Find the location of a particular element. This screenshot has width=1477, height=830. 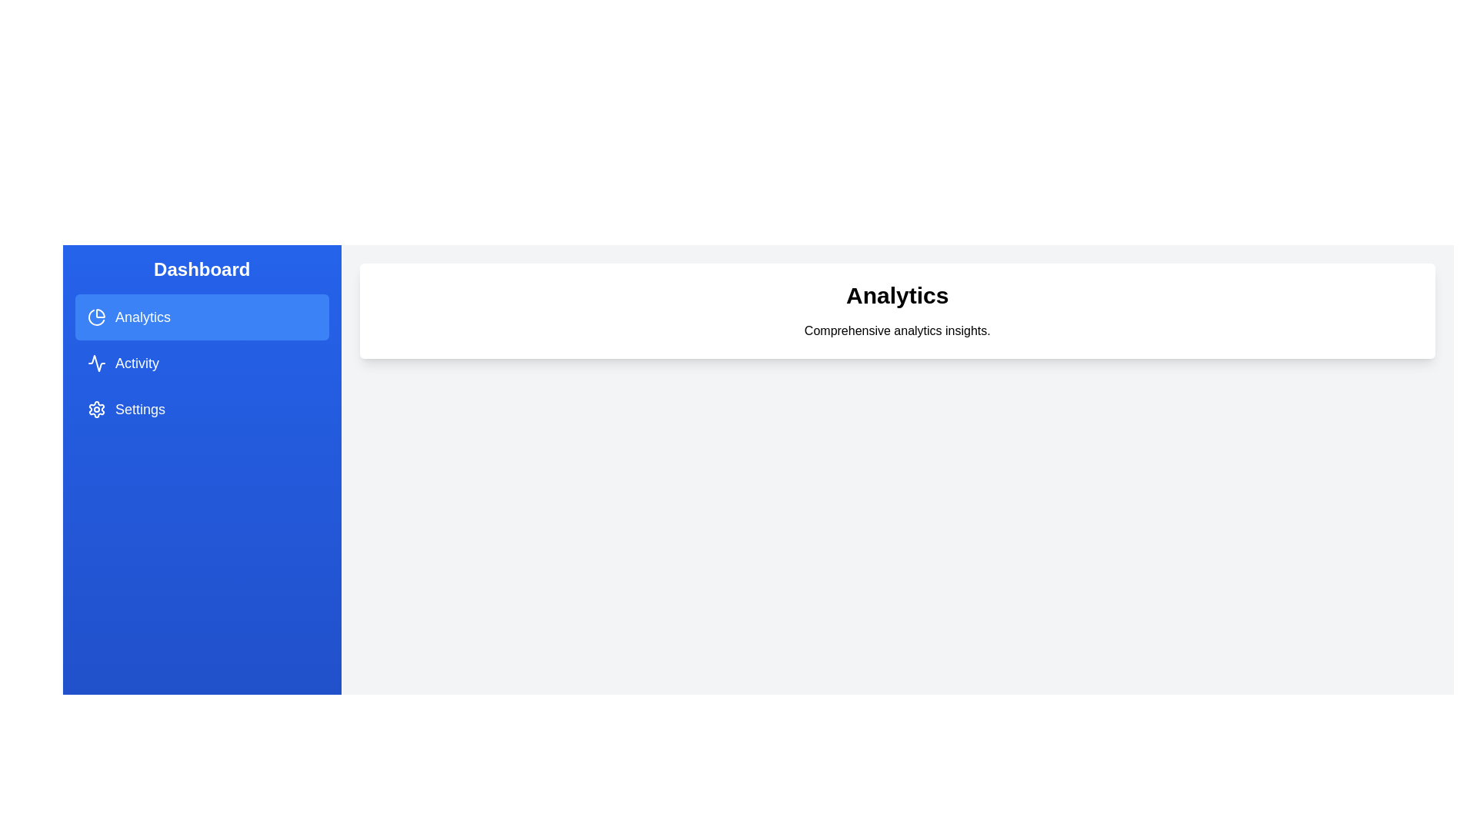

the 'Settings' button is located at coordinates (201, 408).